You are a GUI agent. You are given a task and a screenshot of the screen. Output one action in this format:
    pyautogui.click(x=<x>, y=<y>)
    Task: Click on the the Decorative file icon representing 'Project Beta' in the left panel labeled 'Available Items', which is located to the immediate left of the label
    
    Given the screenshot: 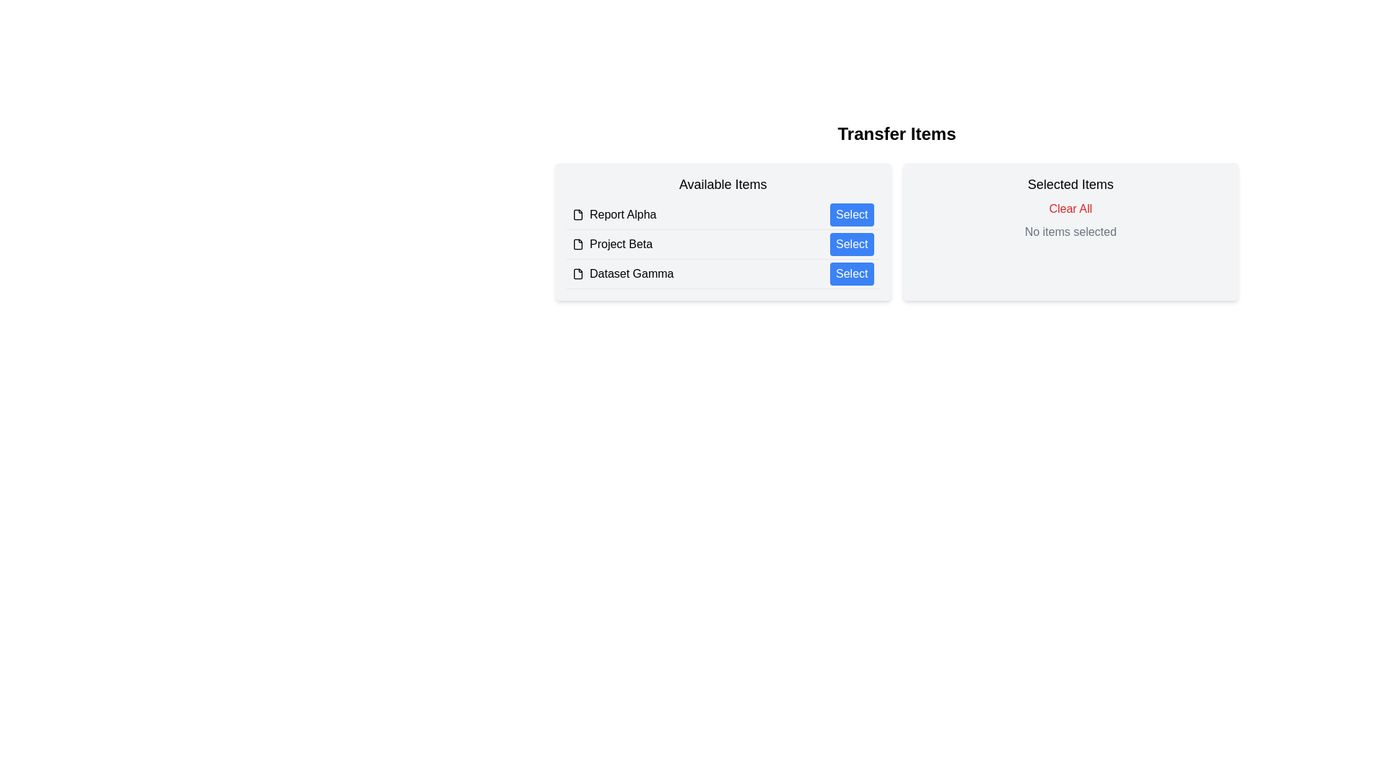 What is the action you would take?
    pyautogui.click(x=578, y=244)
    